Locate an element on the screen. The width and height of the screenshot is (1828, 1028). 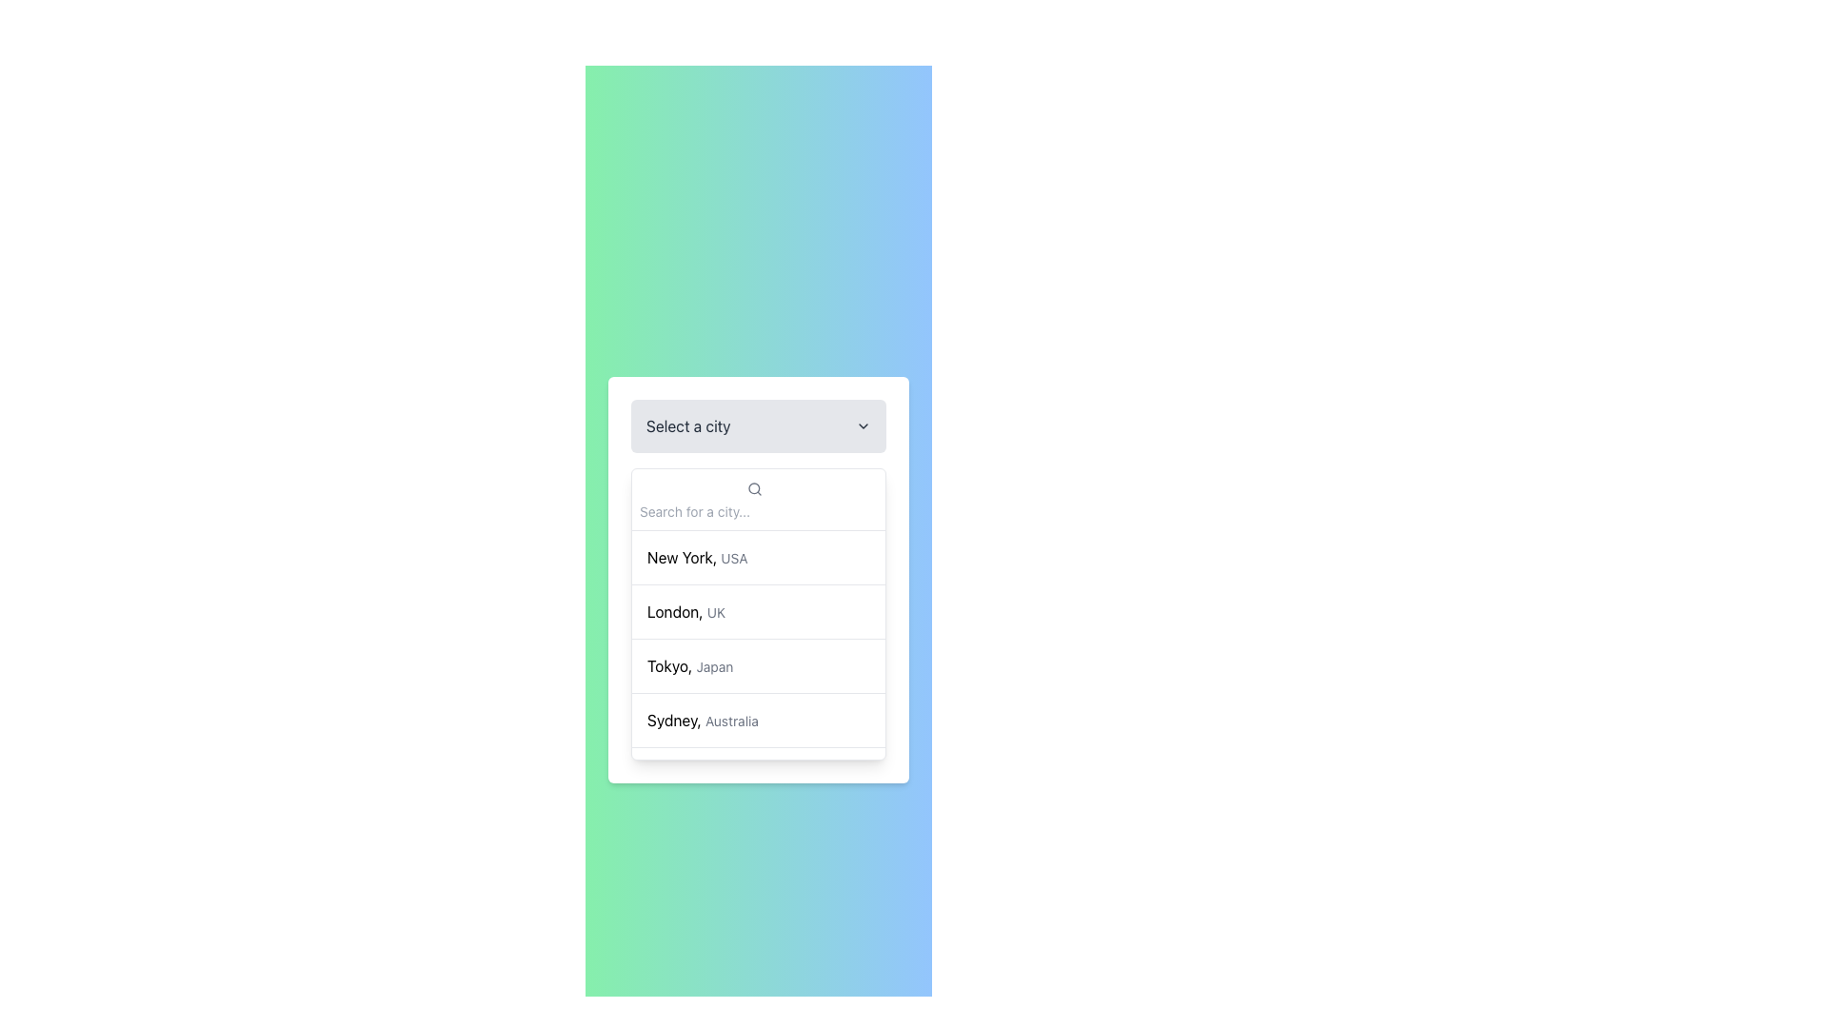
text label indicating the country corresponding to 'New York' in the dropdown list, which is positioned within the dropdown as part of 'New York, USA' is located at coordinates (733, 557).